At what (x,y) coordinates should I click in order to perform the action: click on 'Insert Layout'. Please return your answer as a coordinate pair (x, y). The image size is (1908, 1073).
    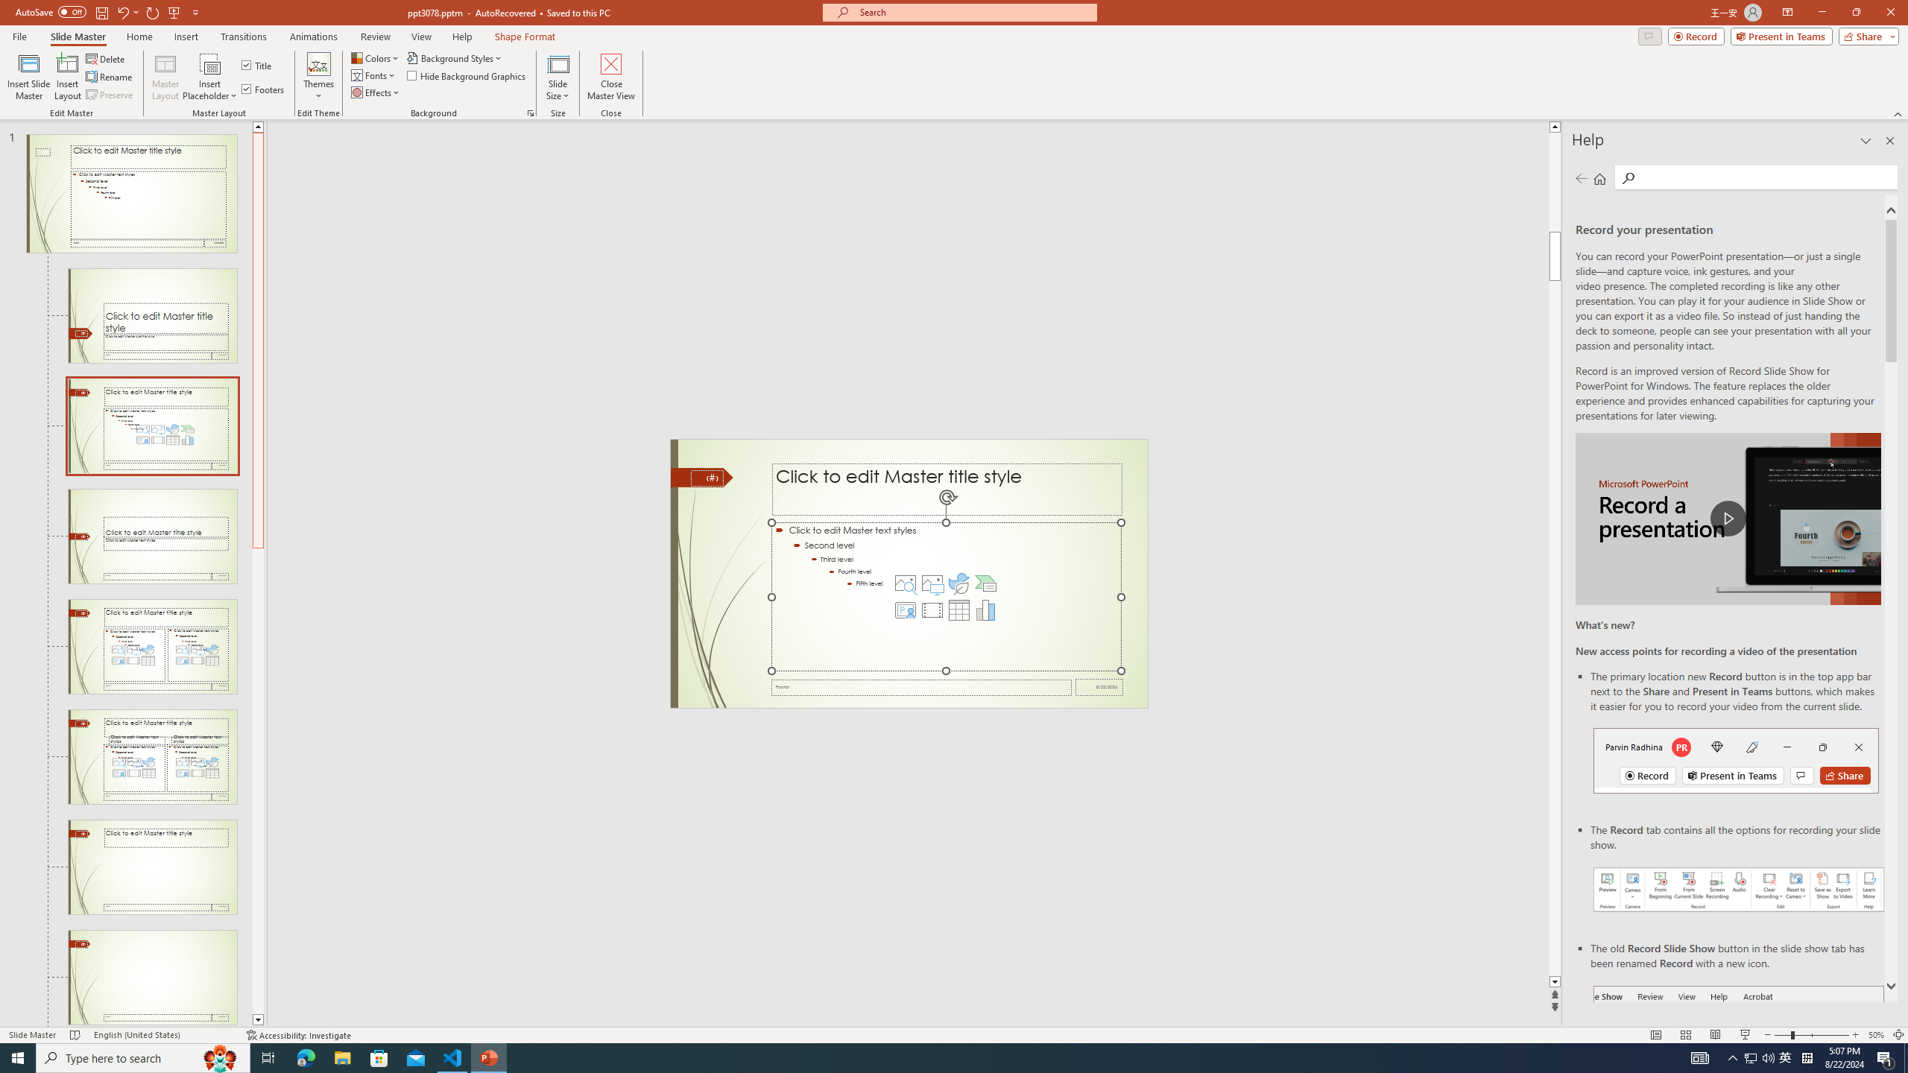
    Looking at the image, I should click on (66, 77).